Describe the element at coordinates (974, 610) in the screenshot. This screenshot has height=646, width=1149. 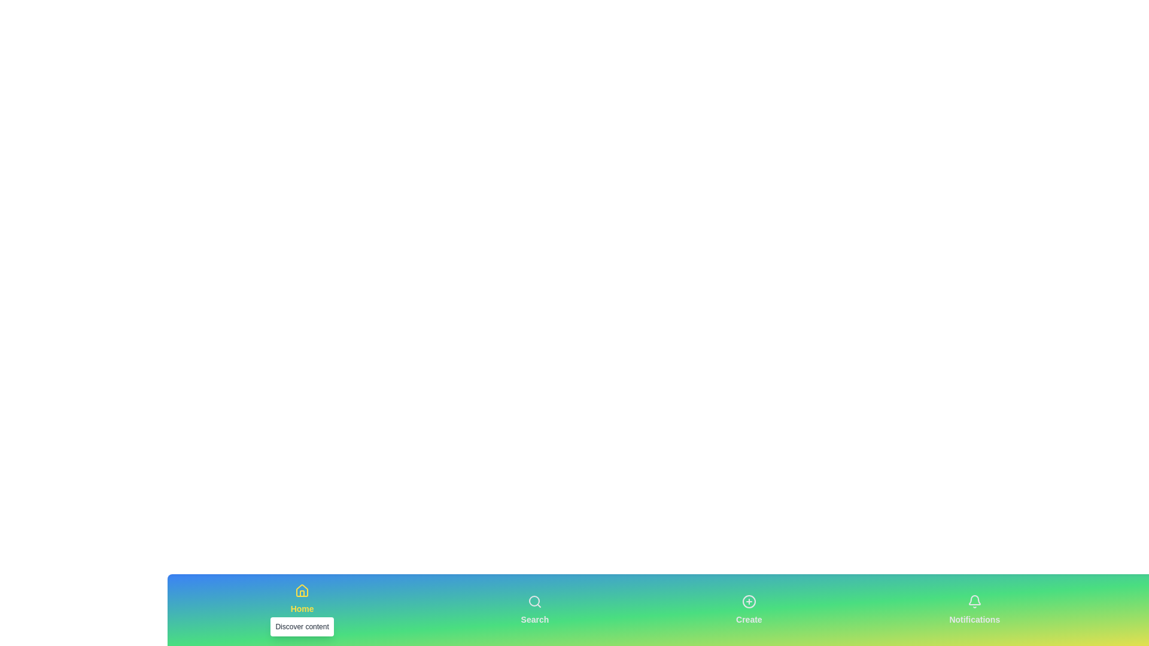
I see `the Notifications tab in the bottom navigation bar` at that location.